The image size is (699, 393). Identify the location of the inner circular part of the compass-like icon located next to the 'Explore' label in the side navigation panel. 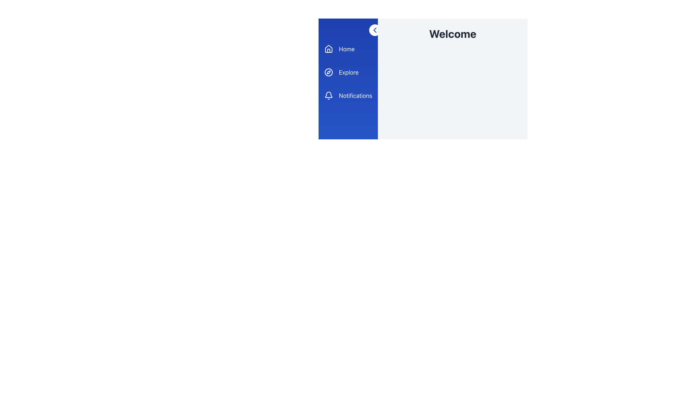
(328, 72).